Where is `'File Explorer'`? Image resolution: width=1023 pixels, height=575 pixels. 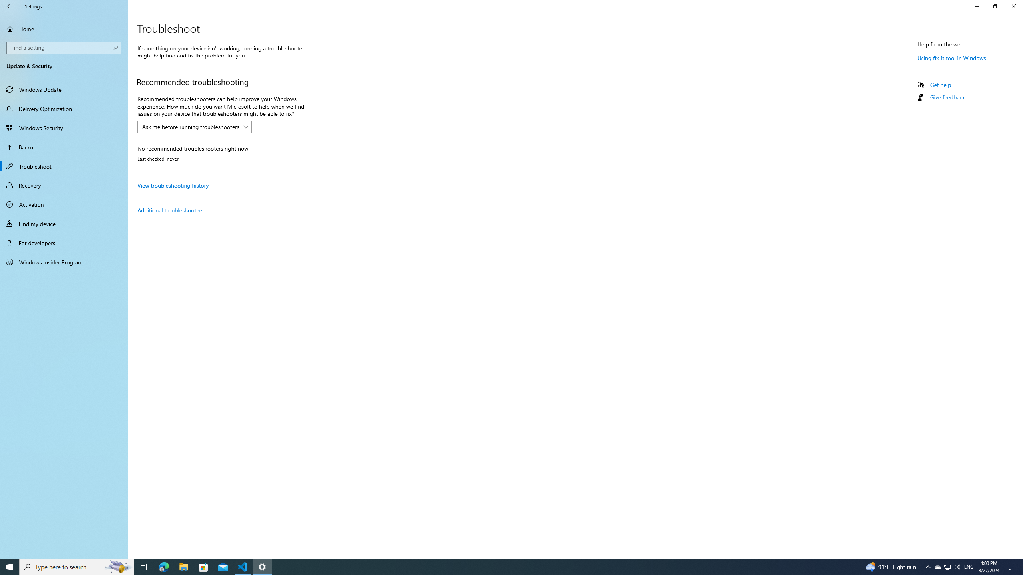 'File Explorer' is located at coordinates (183, 566).